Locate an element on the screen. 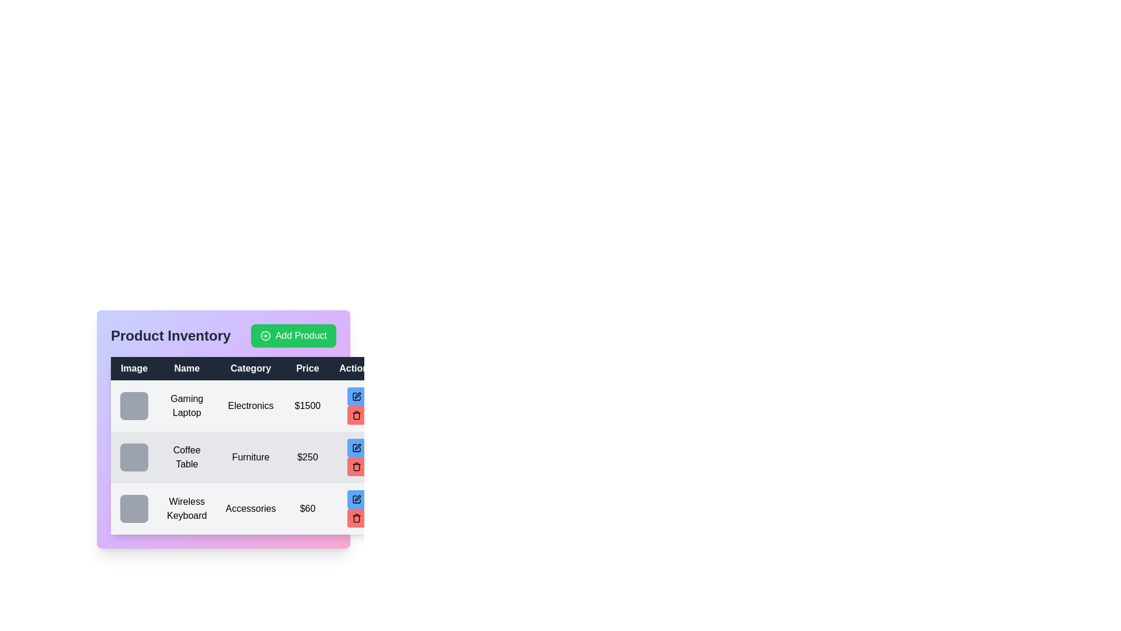 The image size is (1121, 631). the informational text label indicating the category 'Wireless Keyboard', which is located in the third row and third column of the table under the 'Category' heading is located at coordinates (250, 508).